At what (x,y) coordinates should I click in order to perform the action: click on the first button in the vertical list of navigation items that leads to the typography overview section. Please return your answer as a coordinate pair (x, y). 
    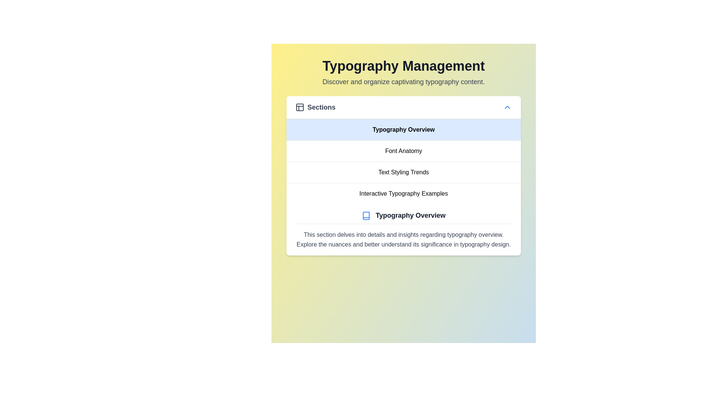
    Looking at the image, I should click on (403, 129).